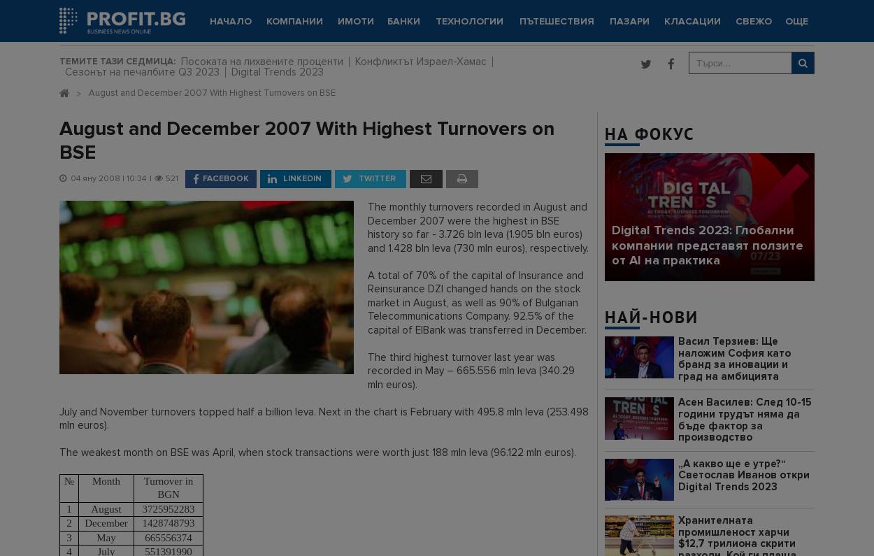  What do you see at coordinates (106, 536) in the screenshot?
I see `'May'` at bounding box center [106, 536].